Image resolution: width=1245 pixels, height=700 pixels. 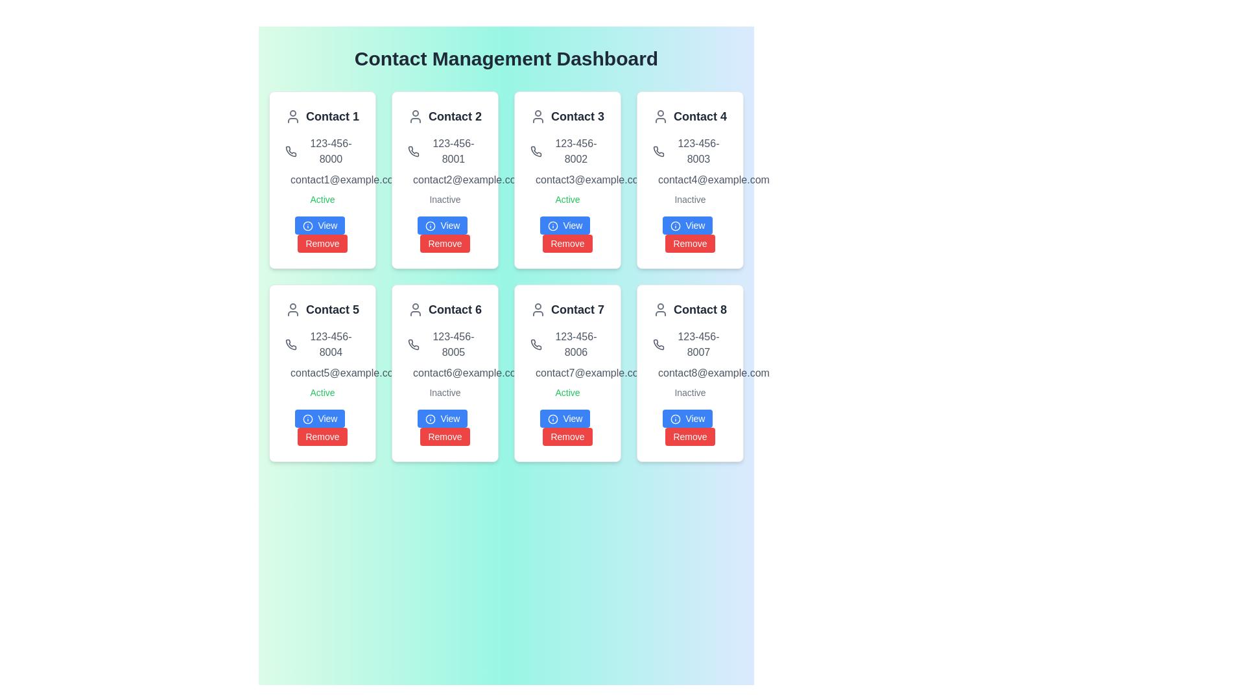 I want to click on the phone number text element for Contact 8, which is located below 'Contact 8' and above 'contact8@example.com' in the bottom-right card of the grid layout, so click(x=689, y=344).